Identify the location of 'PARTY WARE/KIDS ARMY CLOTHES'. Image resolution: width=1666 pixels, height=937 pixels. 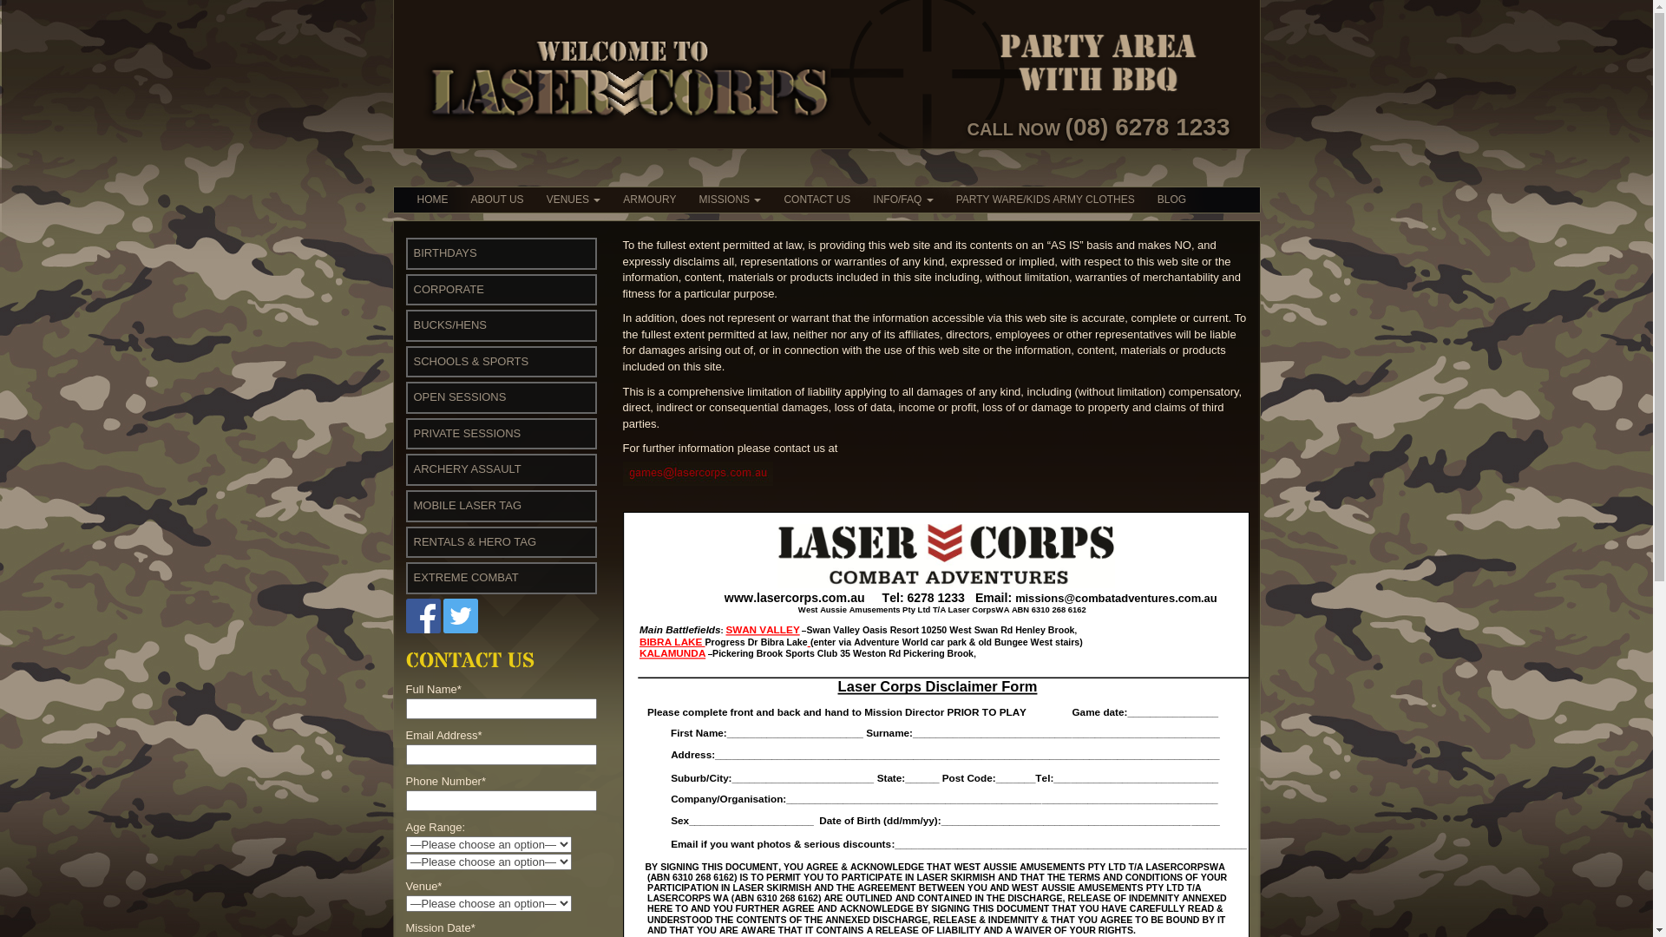
(1044, 199).